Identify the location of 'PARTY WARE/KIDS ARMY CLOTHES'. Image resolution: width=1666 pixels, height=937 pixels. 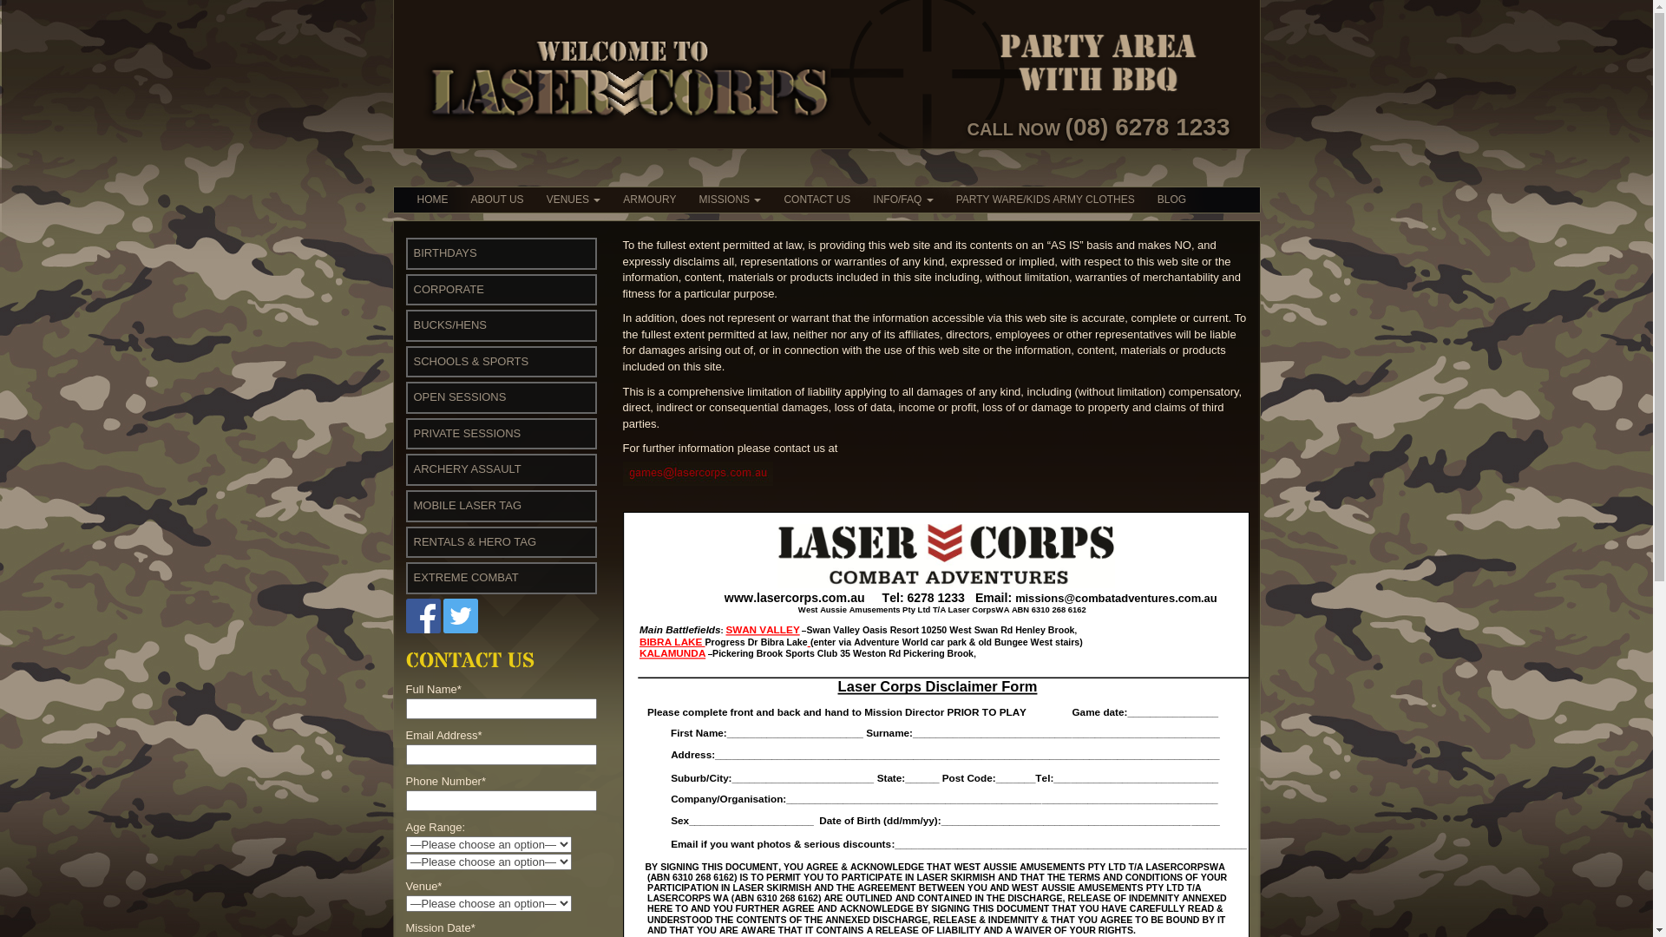
(1044, 199).